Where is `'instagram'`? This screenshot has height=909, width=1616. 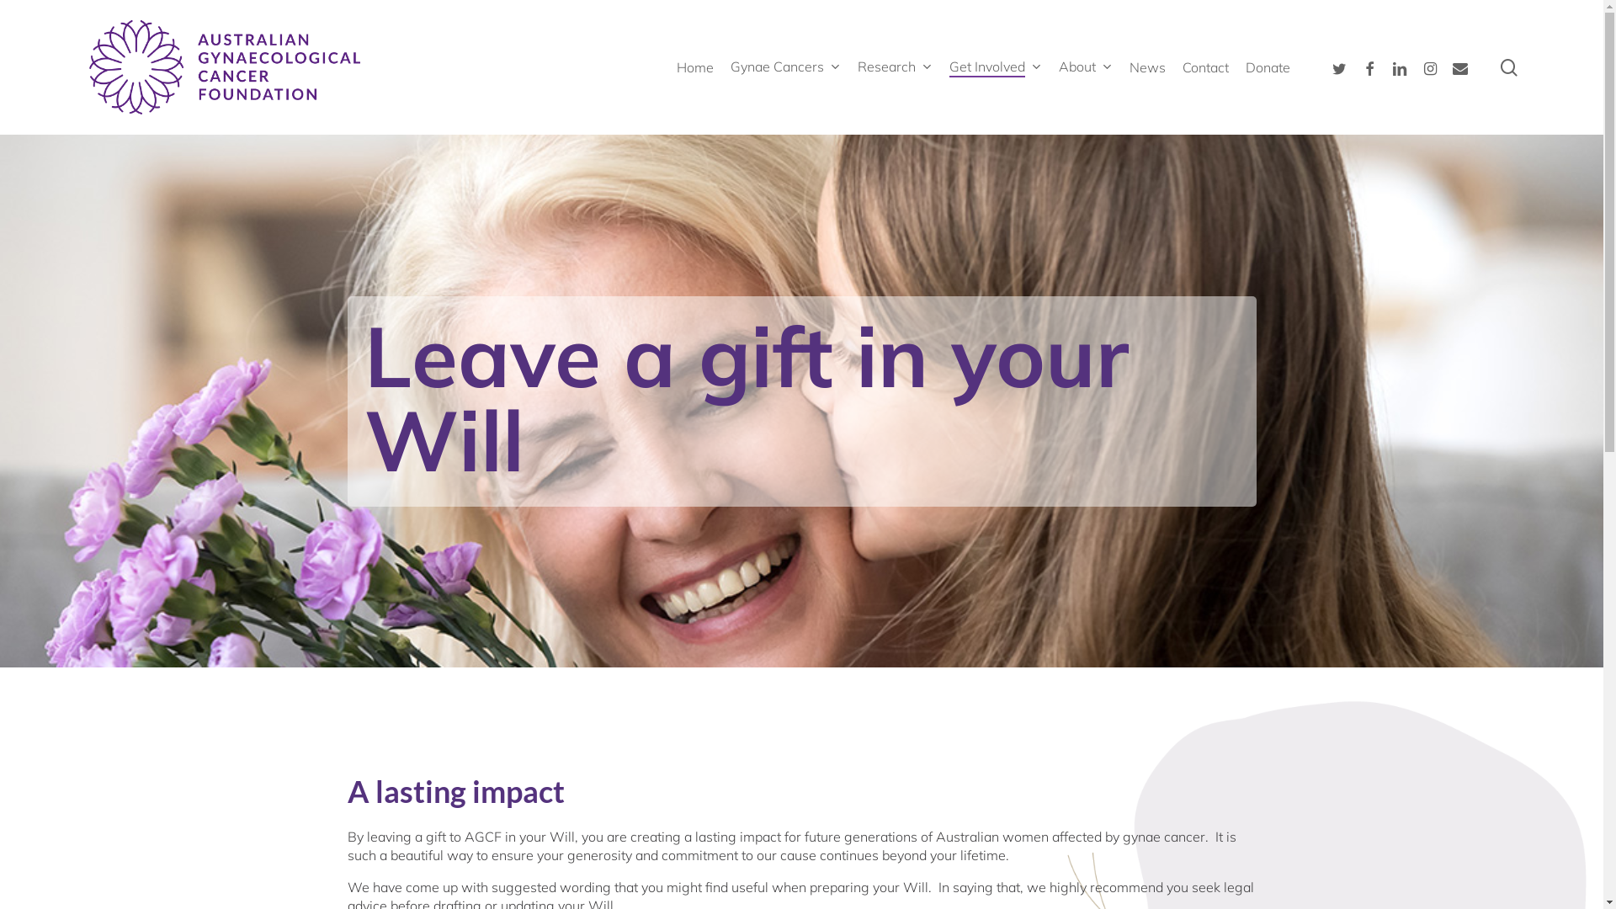 'instagram' is located at coordinates (1429, 66).